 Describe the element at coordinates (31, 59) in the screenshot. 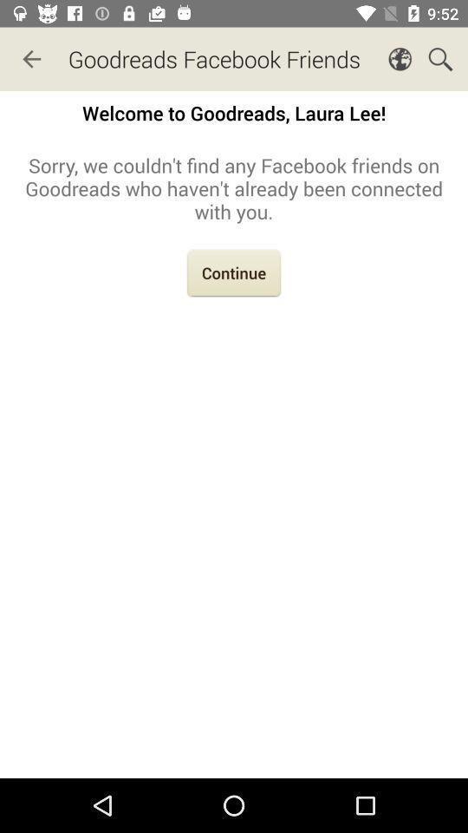

I see `the icon at the top left corner` at that location.